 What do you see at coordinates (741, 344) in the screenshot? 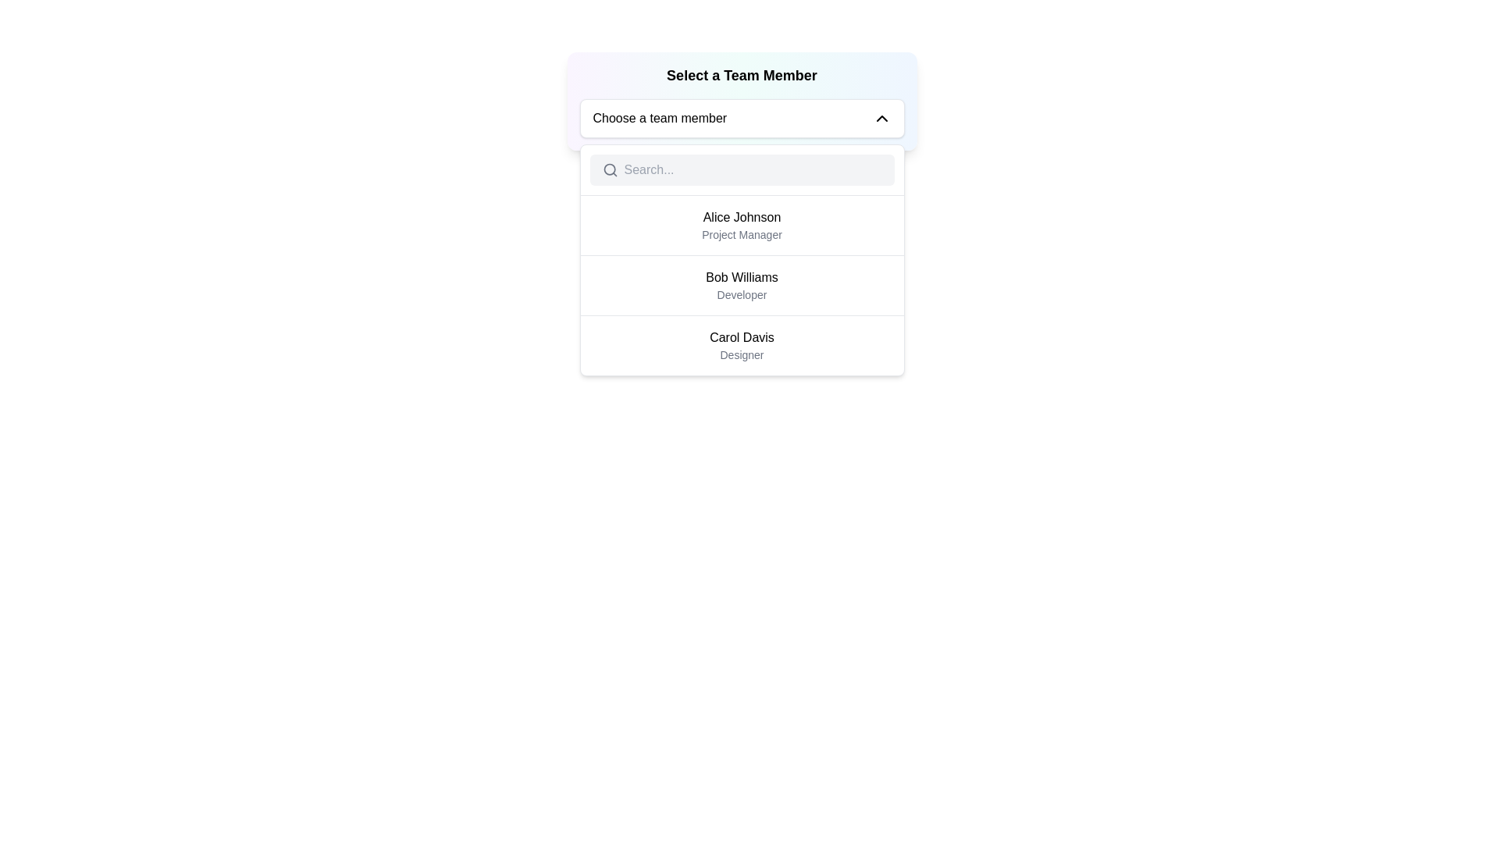
I see `the list item displaying 'Carol Davis'` at bounding box center [741, 344].